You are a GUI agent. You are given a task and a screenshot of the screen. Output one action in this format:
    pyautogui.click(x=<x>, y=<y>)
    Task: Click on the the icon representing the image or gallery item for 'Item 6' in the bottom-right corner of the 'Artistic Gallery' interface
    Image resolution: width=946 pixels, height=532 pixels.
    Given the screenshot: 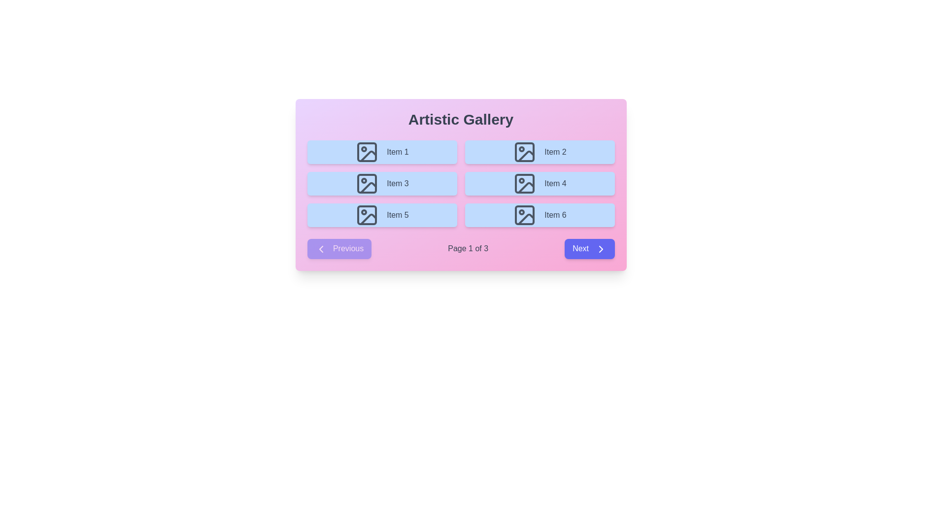 What is the action you would take?
    pyautogui.click(x=524, y=214)
    